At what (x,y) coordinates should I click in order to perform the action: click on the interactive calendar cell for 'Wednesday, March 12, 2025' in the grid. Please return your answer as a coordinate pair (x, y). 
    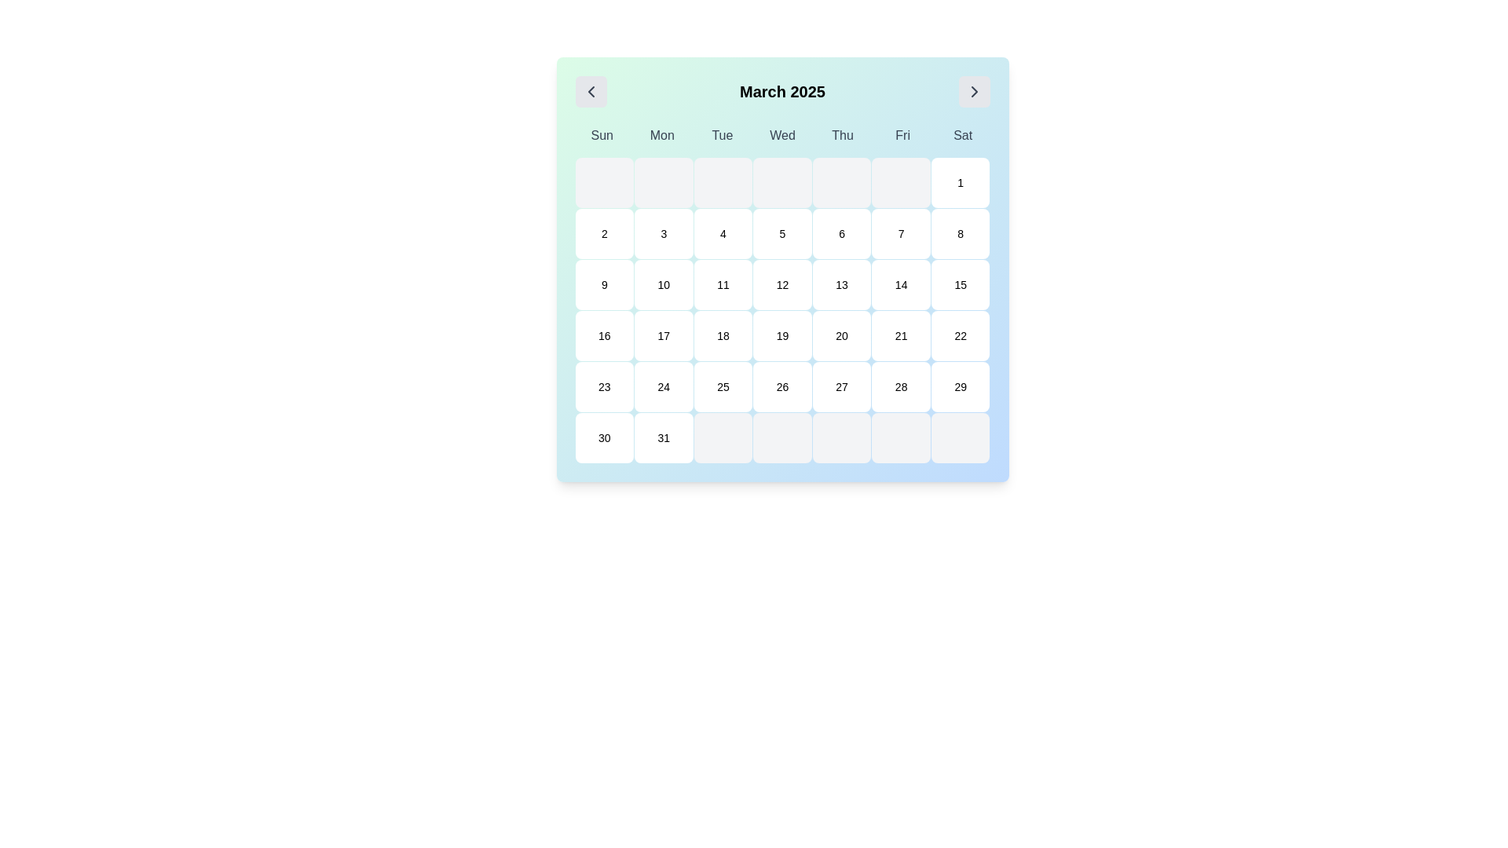
    Looking at the image, I should click on (782, 310).